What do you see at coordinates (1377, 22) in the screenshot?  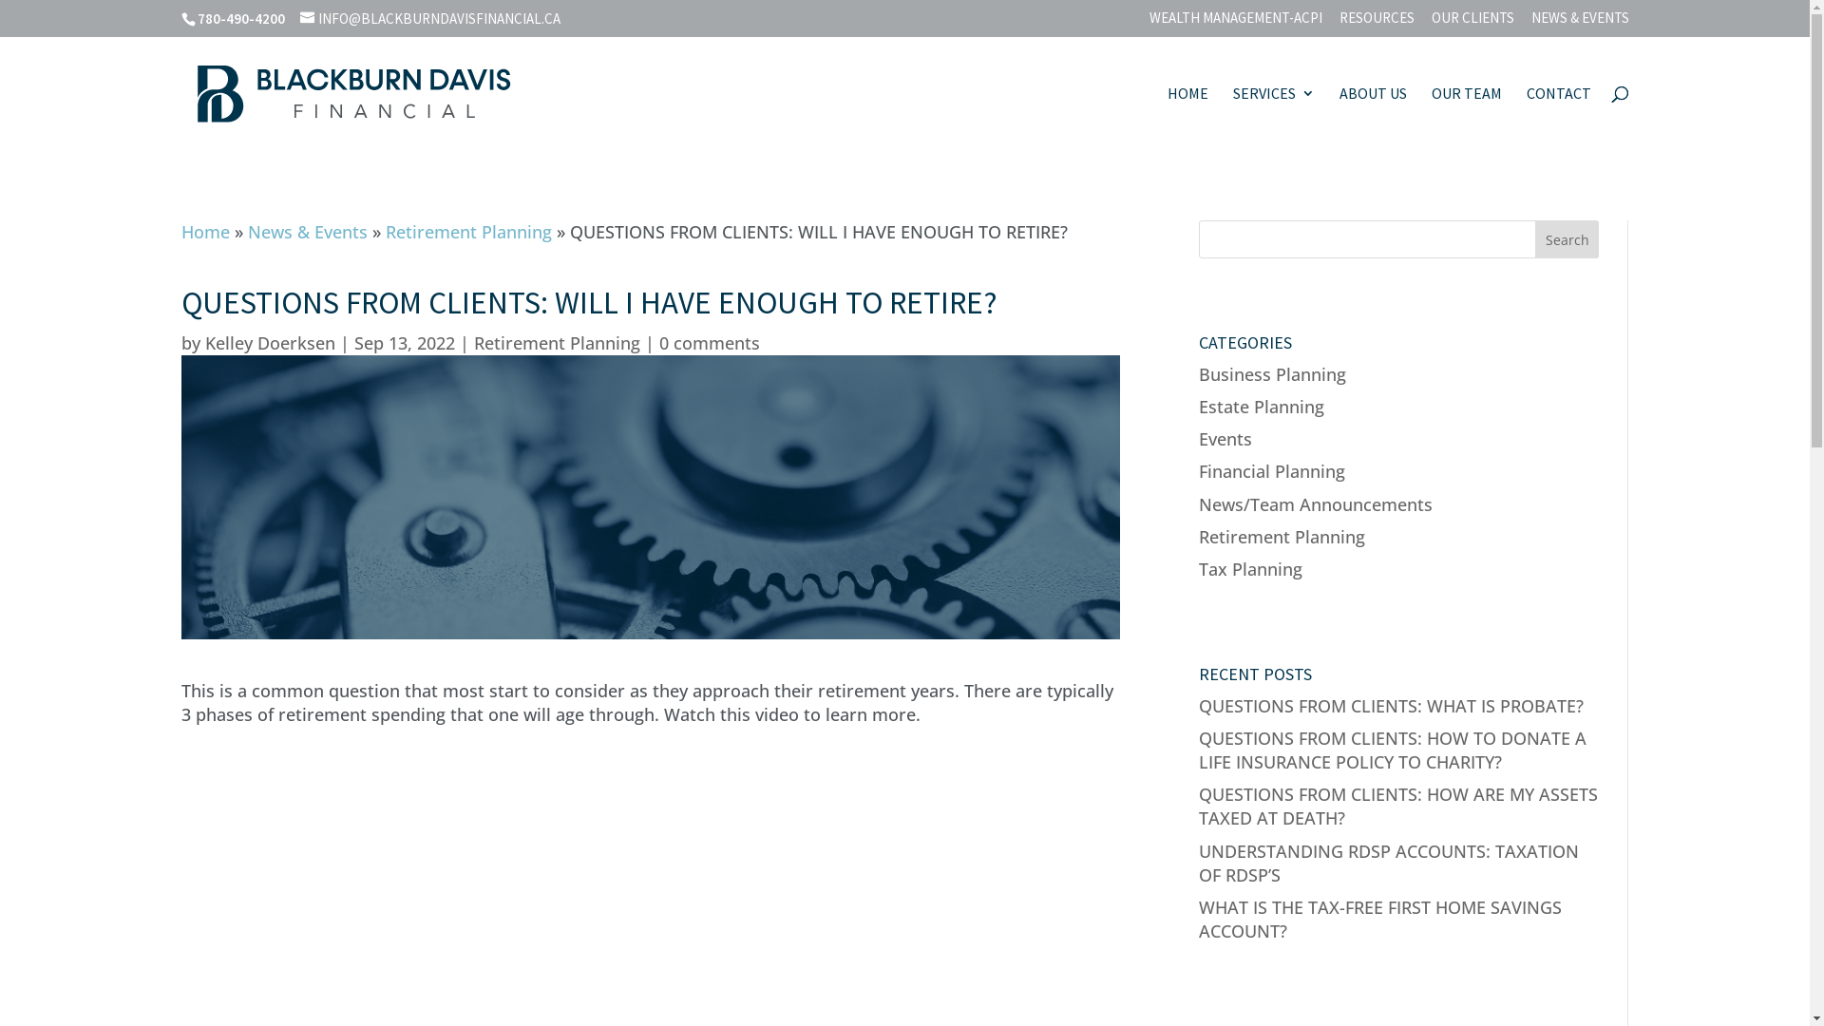 I see `'RESOURCES'` at bounding box center [1377, 22].